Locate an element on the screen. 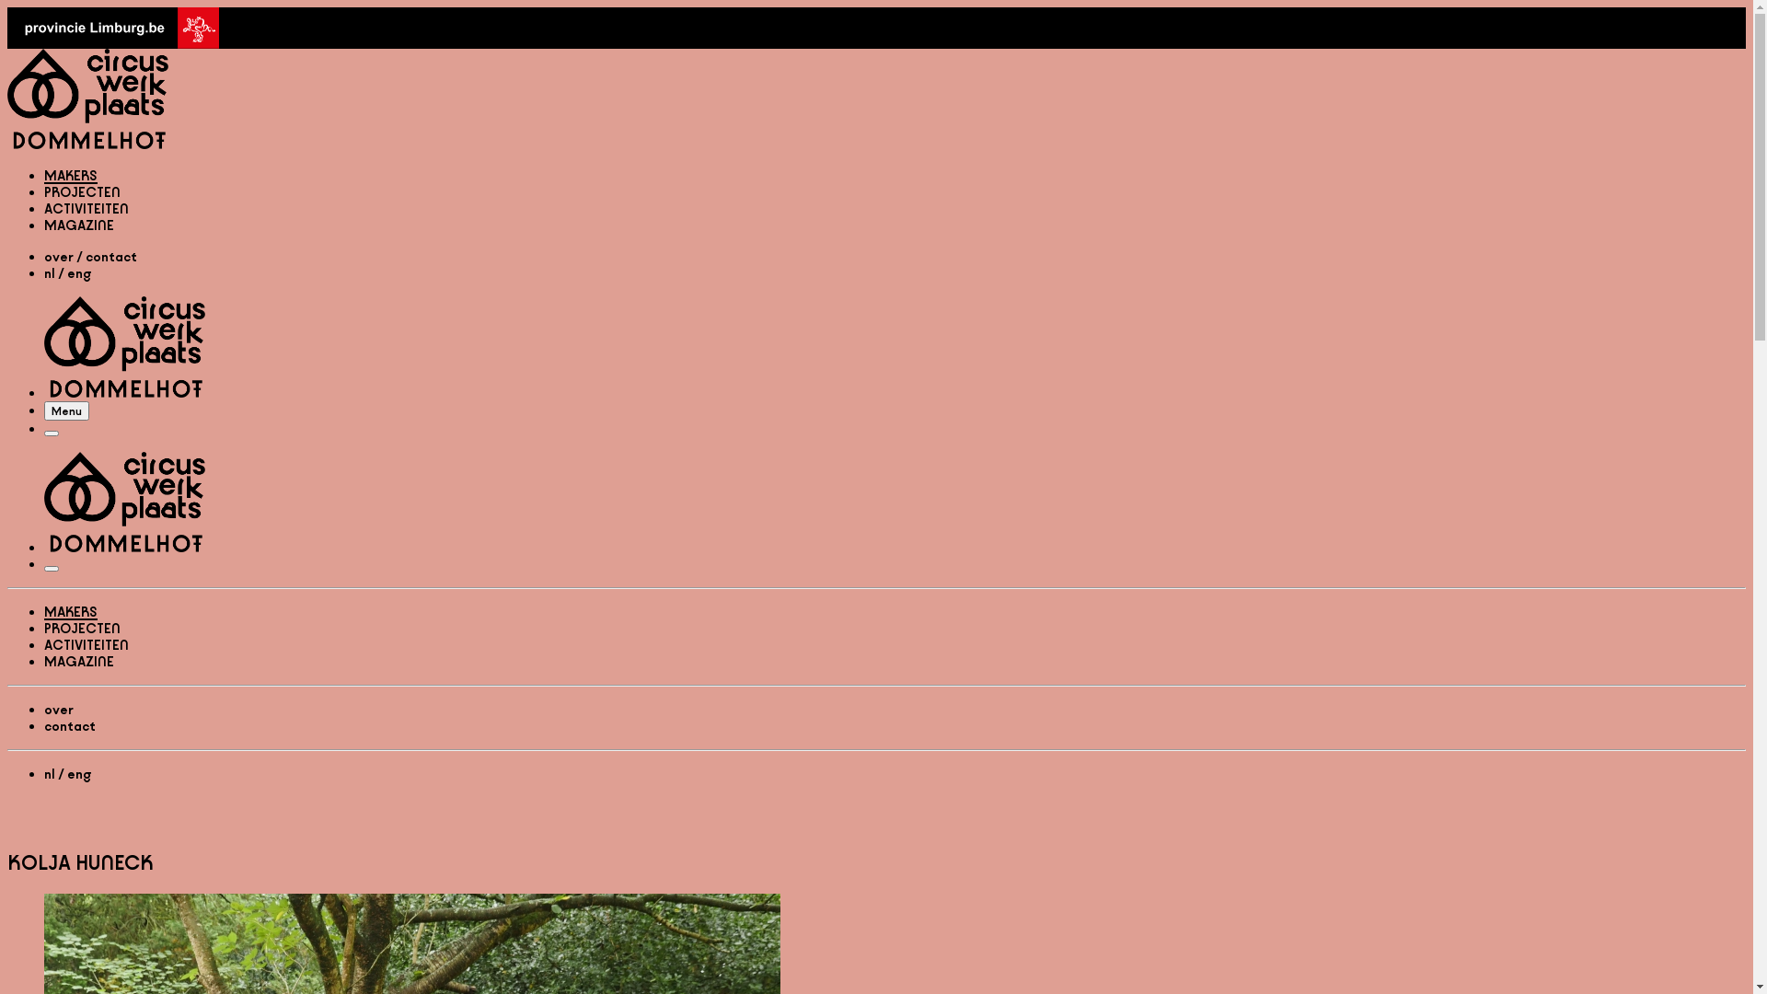  'PROJECTEN' is located at coordinates (81, 191).